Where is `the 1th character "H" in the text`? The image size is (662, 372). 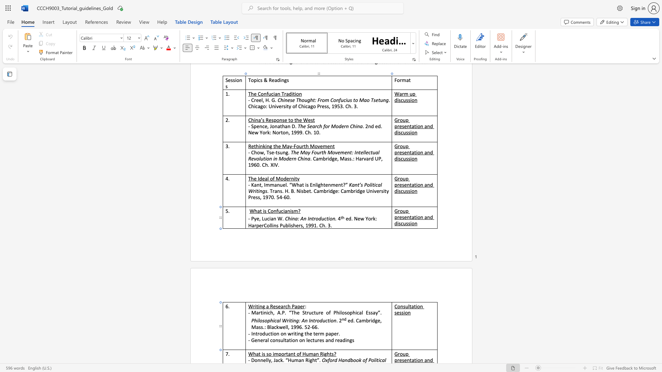 the 1th character "H" in the text is located at coordinates (290, 360).